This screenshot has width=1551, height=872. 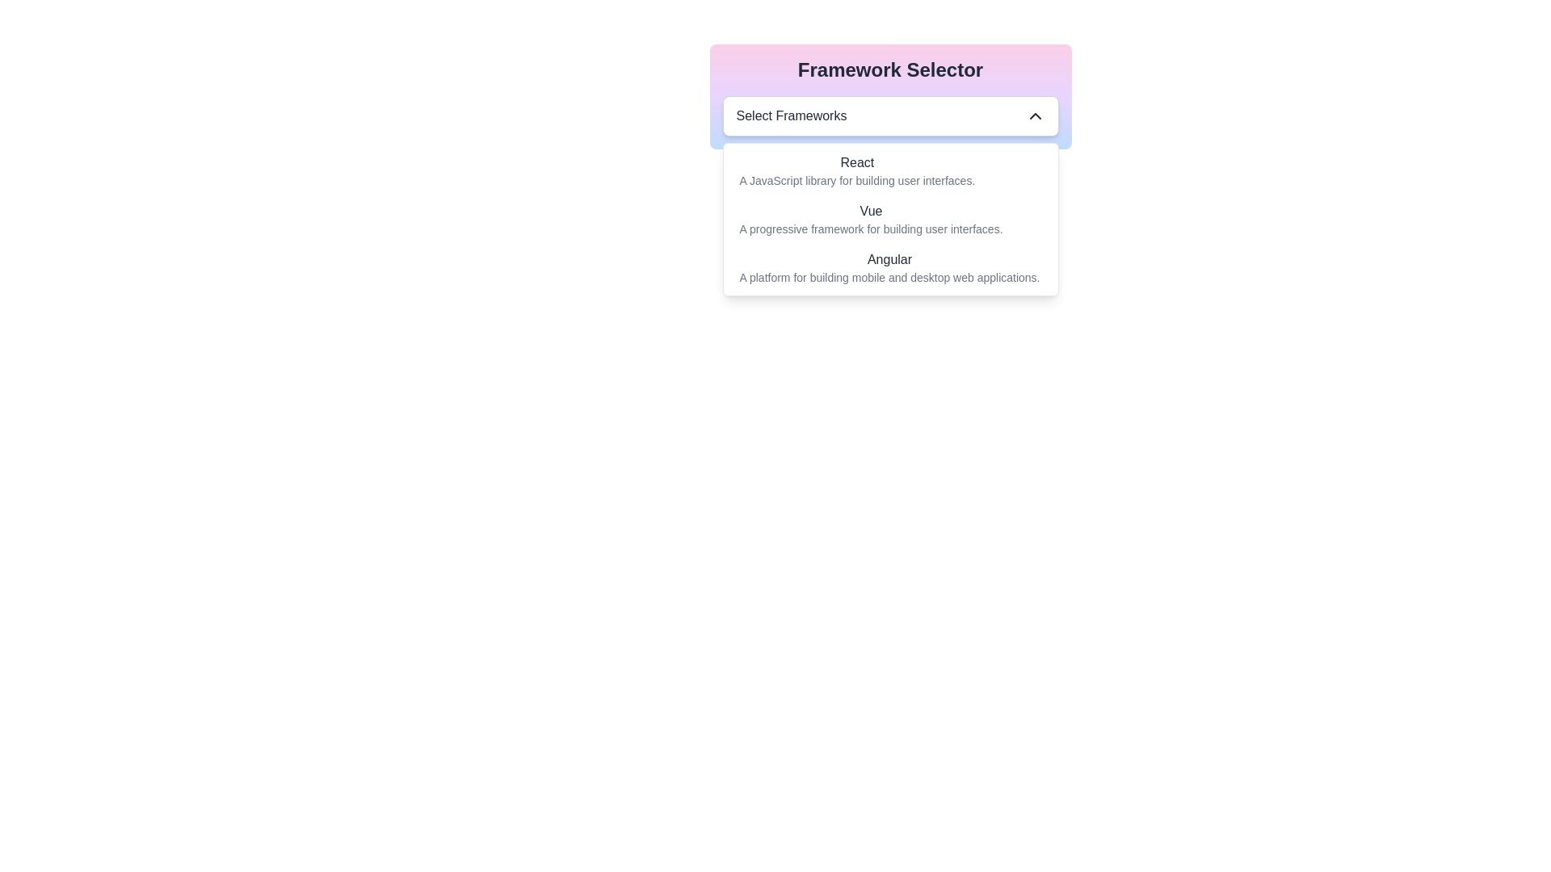 I want to click on an option from the white dropdown menu located below the 'Select Frameworks' button by clicking on it, so click(x=889, y=220).